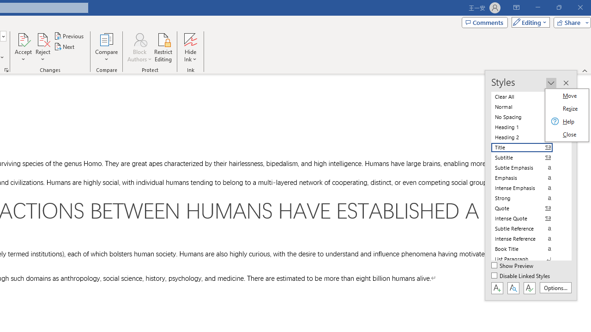 Image resolution: width=591 pixels, height=332 pixels. Describe the element at coordinates (527, 219) in the screenshot. I see `'Intense Quote'` at that location.